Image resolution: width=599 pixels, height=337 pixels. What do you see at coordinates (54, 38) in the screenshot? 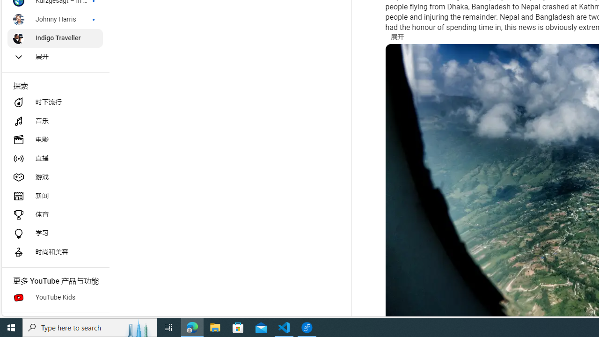
I see `'Indigo Traveller'` at bounding box center [54, 38].